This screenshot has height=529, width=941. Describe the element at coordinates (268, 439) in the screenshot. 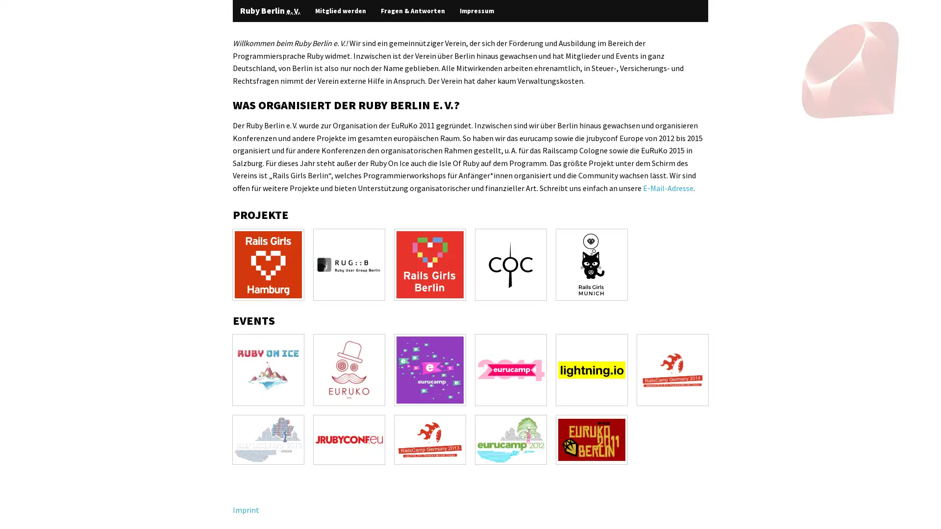

I see `Eurucamp 2013` at that location.